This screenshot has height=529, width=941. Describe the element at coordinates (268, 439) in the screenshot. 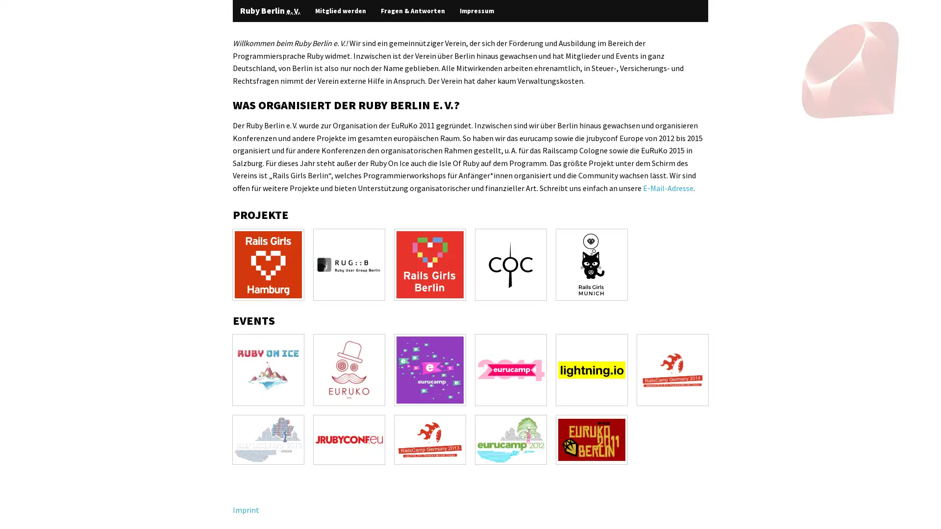

I see `Eurucamp 2013` at that location.